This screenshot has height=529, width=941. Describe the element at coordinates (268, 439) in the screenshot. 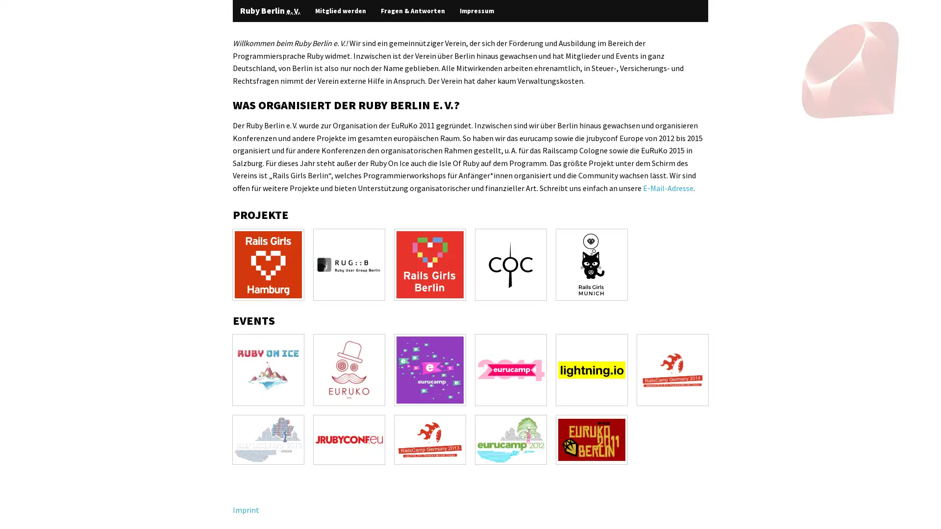

I see `Eurucamp 2013` at that location.